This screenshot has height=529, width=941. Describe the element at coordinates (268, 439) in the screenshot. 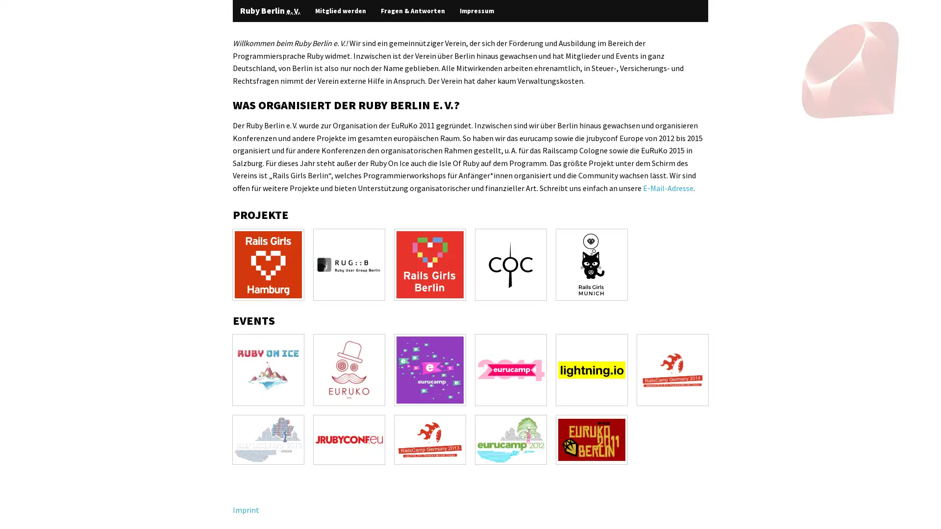

I see `Eurucamp 2013` at that location.